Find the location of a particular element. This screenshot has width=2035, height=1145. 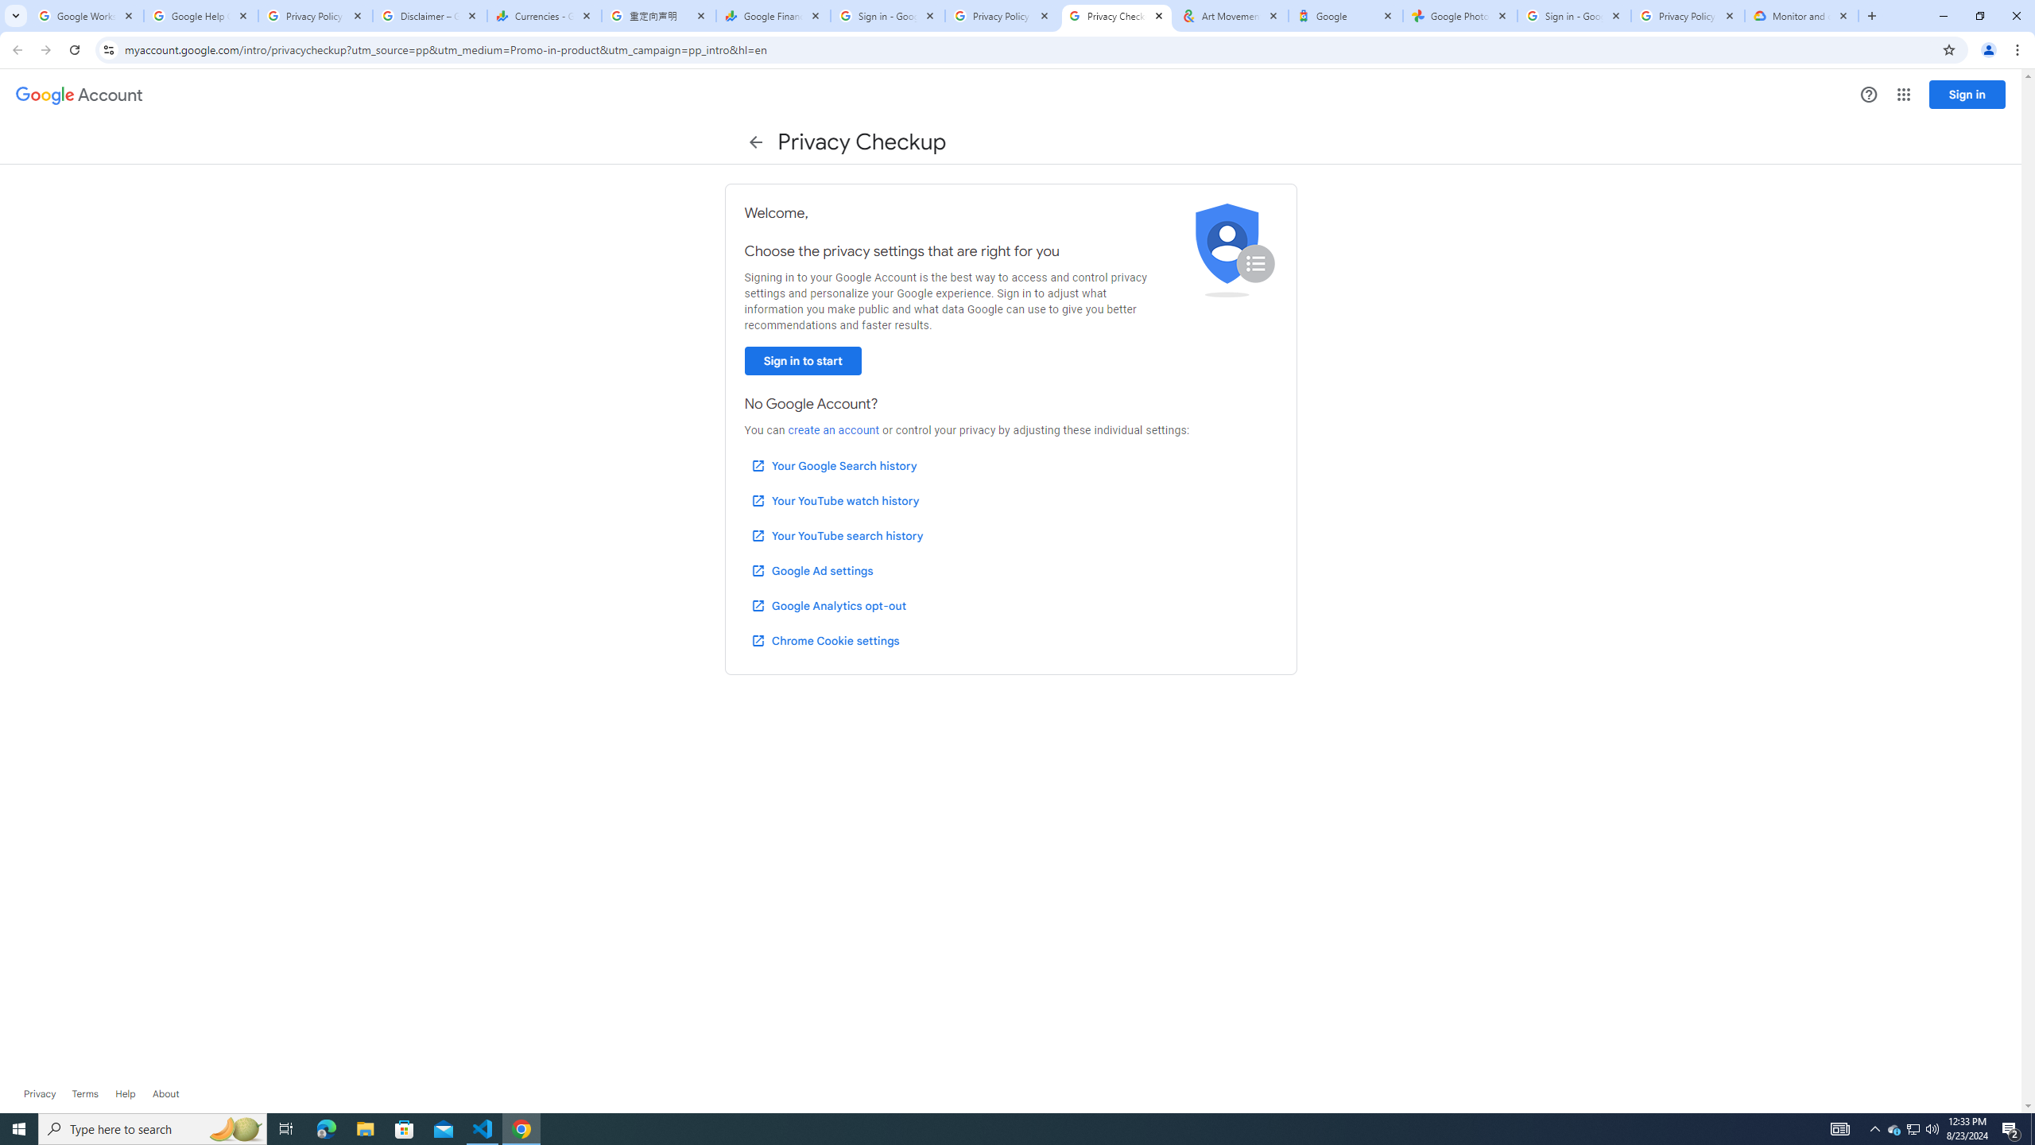

'Your Google Search history' is located at coordinates (833, 465).